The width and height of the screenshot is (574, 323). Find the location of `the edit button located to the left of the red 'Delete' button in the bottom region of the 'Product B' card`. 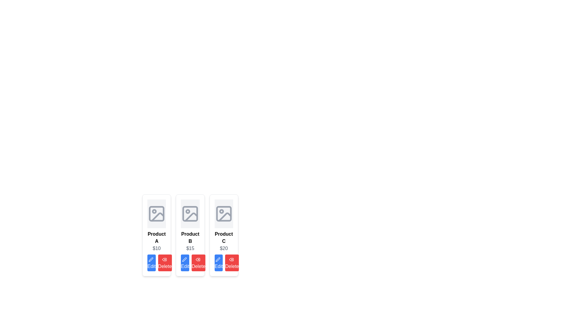

the edit button located to the left of the red 'Delete' button in the bottom region of the 'Product B' card is located at coordinates (184, 259).